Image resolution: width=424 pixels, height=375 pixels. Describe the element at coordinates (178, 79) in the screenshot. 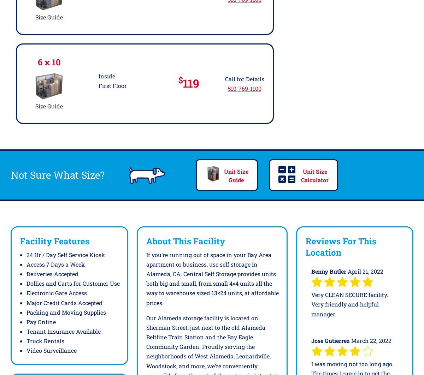

I see `'$'` at that location.